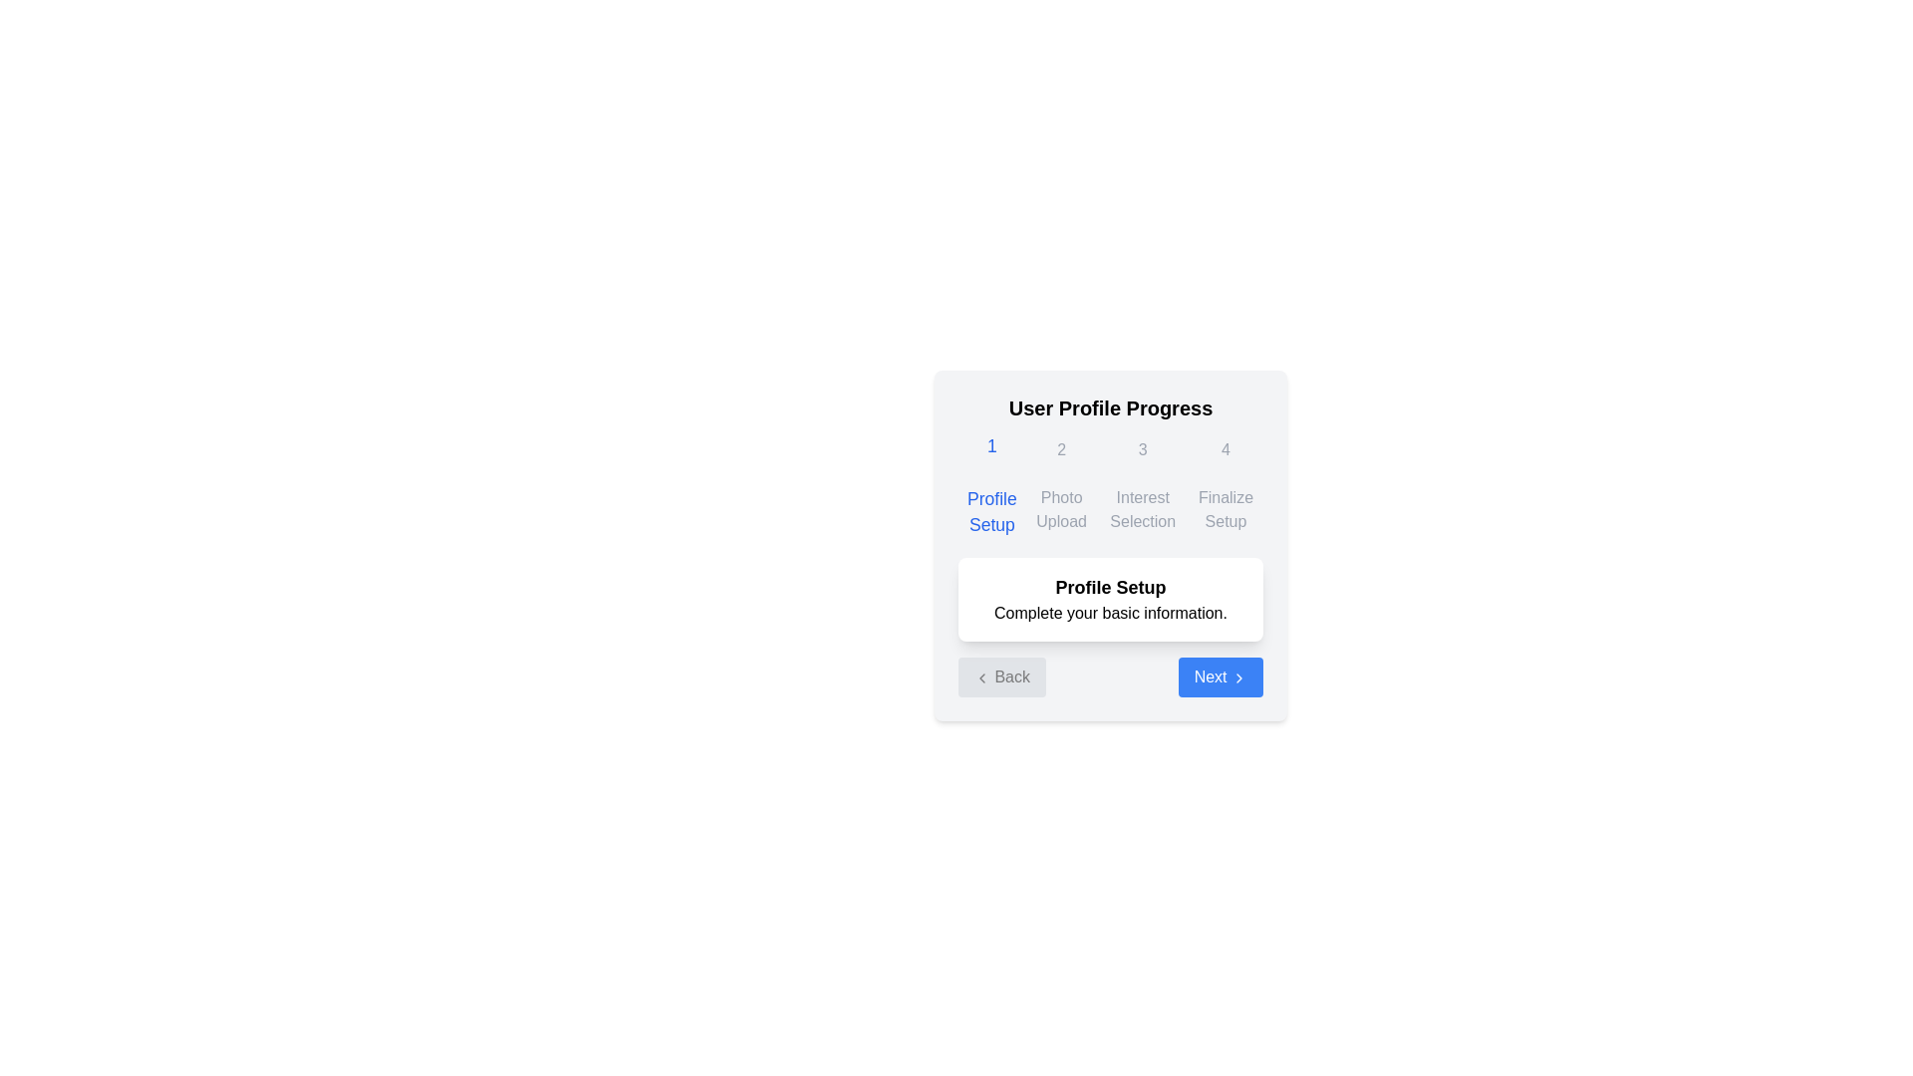  I want to click on the static text label indicating 'Interest Selection' in the third step of the multi-step process, located in the third column of the progress indicator, so click(1143, 509).